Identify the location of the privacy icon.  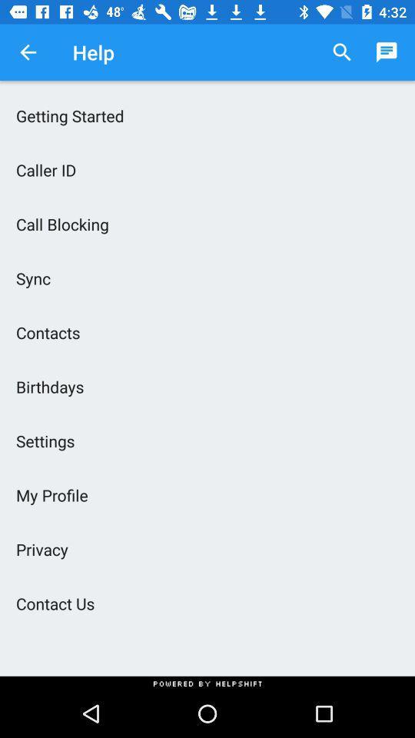
(207, 549).